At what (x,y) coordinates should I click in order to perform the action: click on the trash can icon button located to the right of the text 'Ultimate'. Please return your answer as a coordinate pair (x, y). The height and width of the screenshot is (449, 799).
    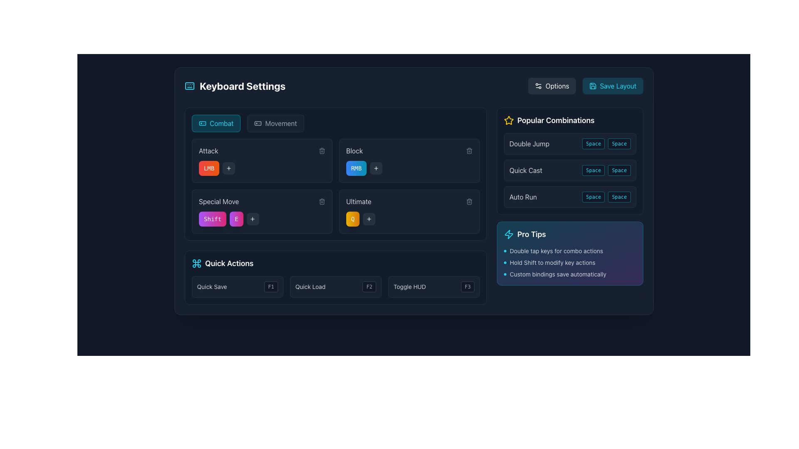
    Looking at the image, I should click on (469, 202).